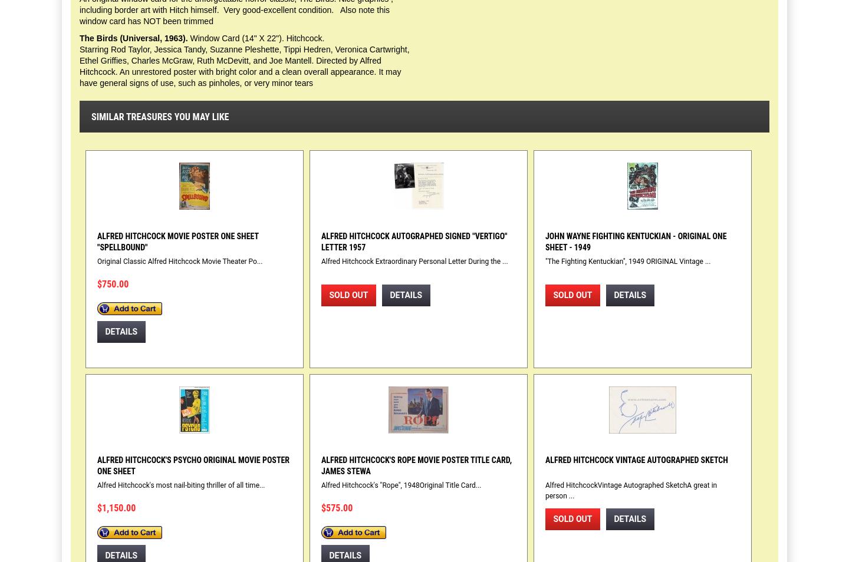 This screenshot has height=562, width=849. What do you see at coordinates (628, 261) in the screenshot?
I see `'"The Fighting Kentuckian", 1949
ORIGINAL Vintage ...'` at bounding box center [628, 261].